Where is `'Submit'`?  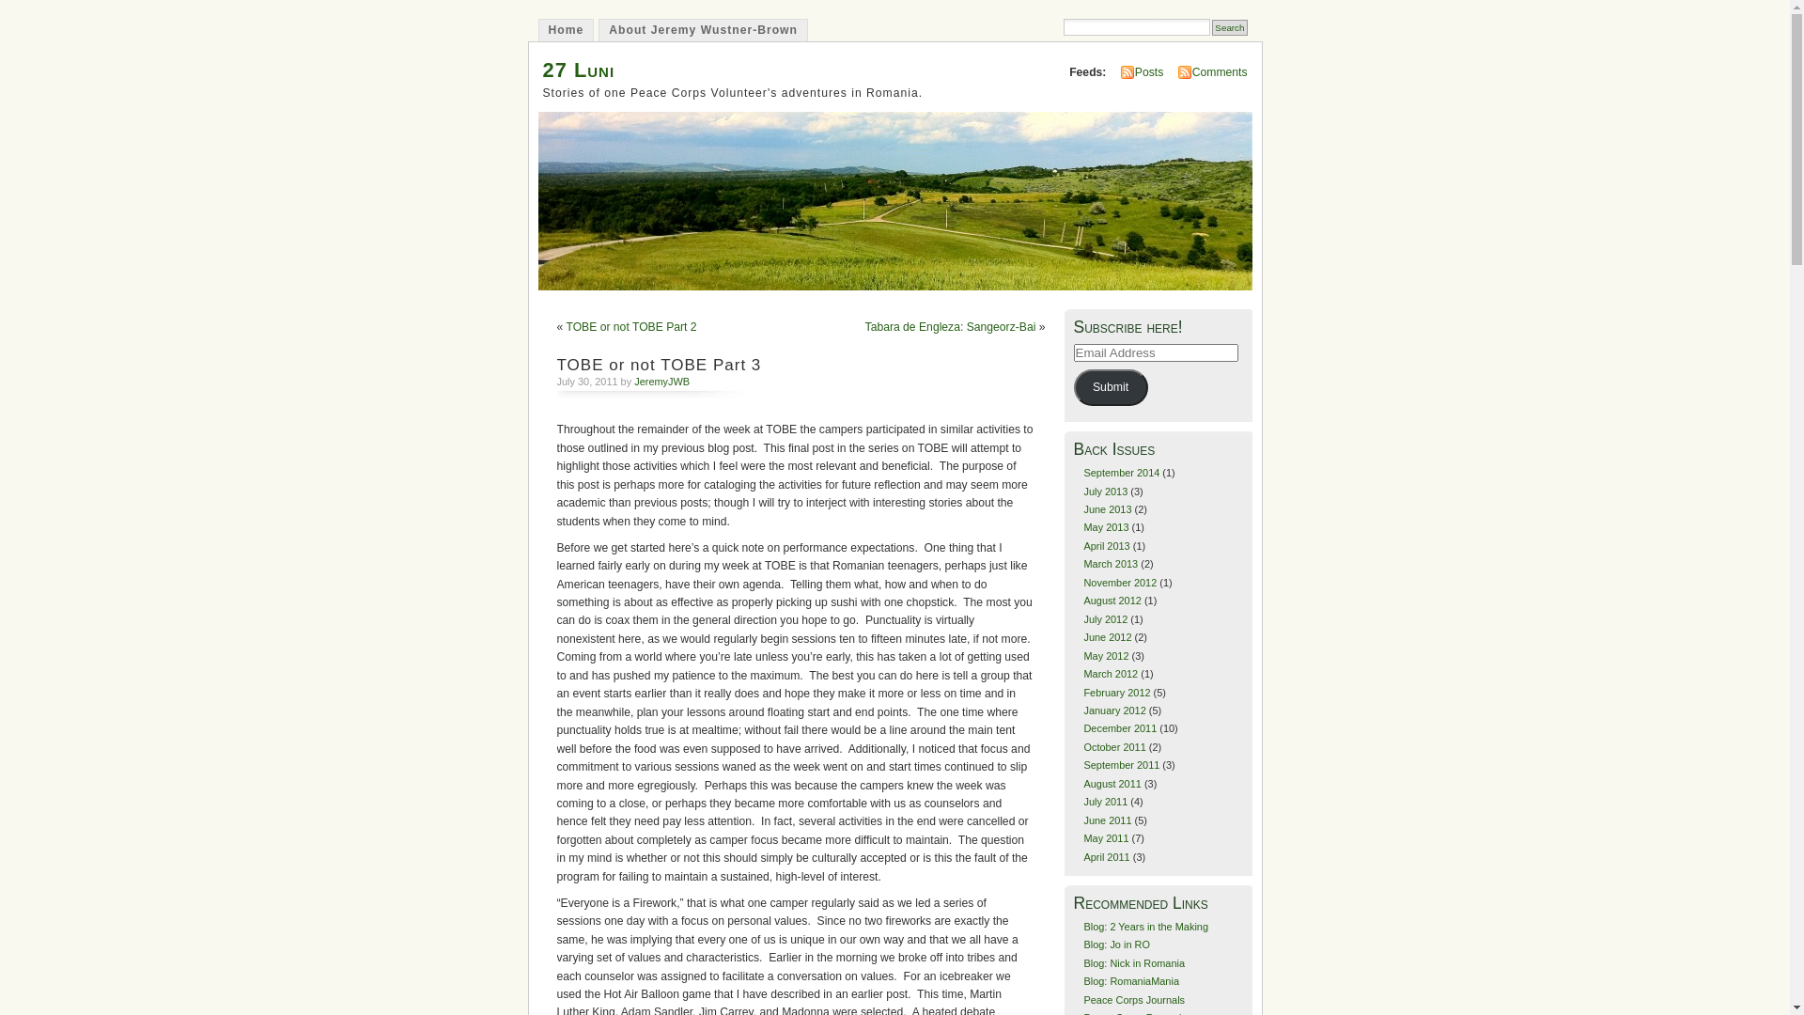 'Submit' is located at coordinates (1073, 386).